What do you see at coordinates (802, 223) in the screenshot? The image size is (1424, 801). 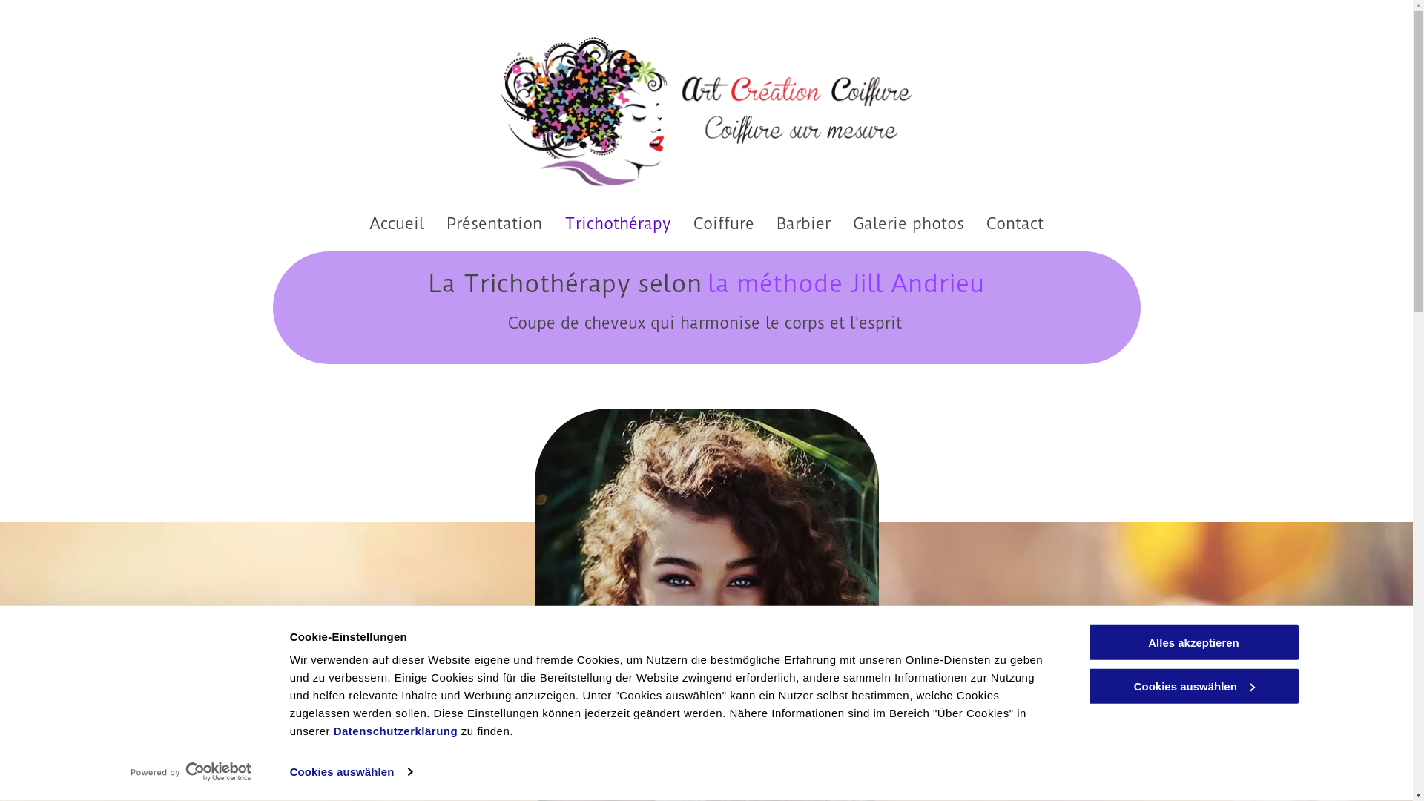 I see `'Barbier'` at bounding box center [802, 223].